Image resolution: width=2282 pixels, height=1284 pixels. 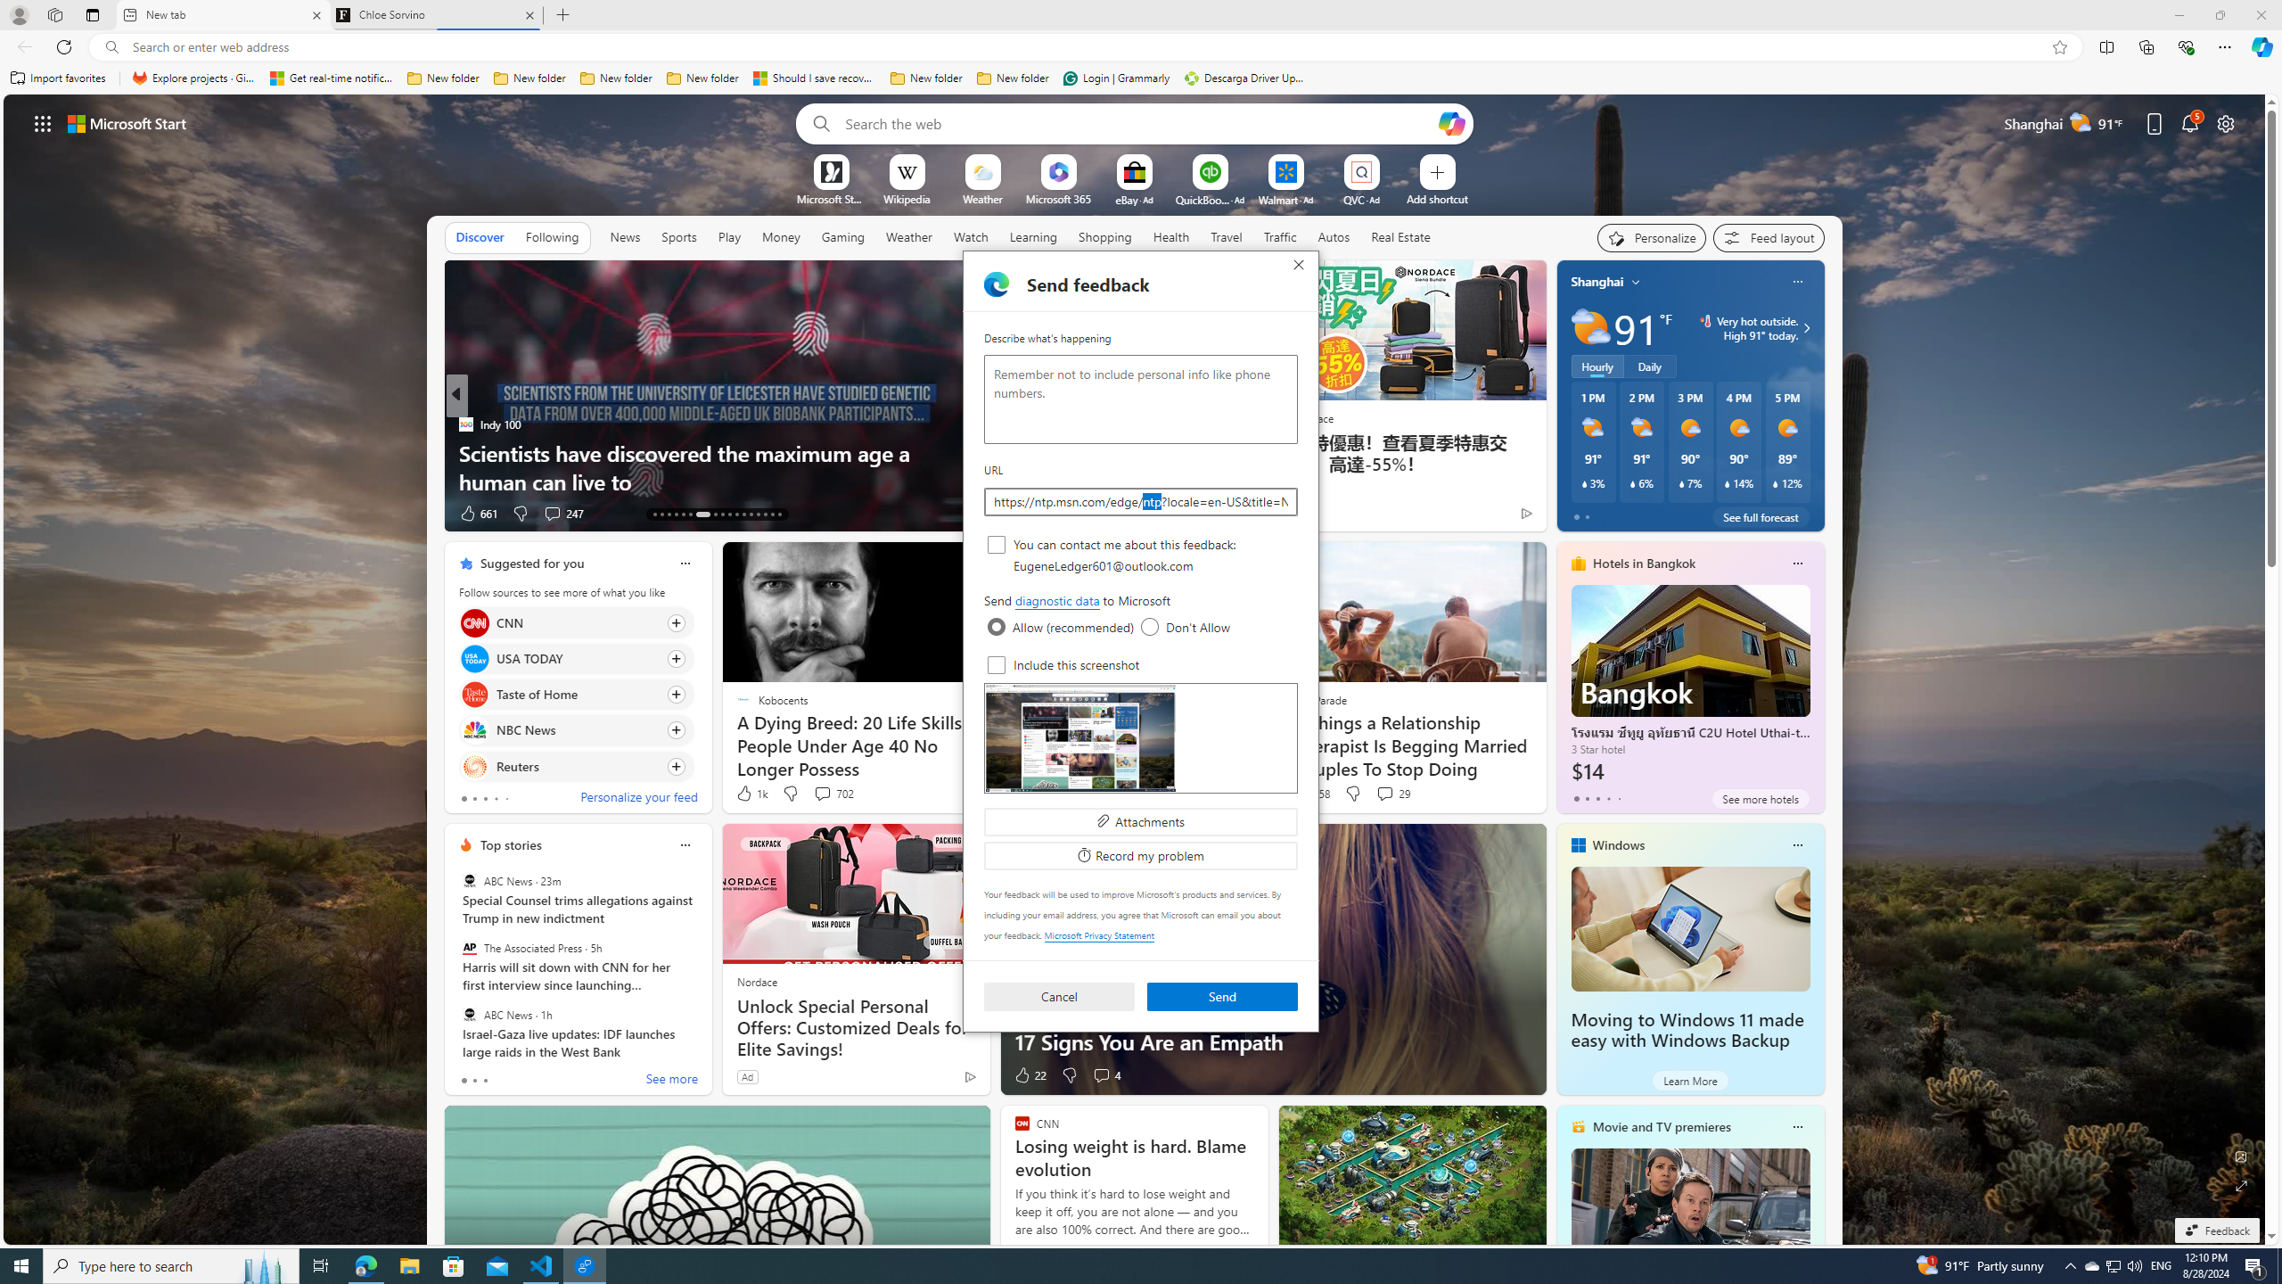 What do you see at coordinates (996, 663) in the screenshot?
I see `'Include this screenshot'` at bounding box center [996, 663].